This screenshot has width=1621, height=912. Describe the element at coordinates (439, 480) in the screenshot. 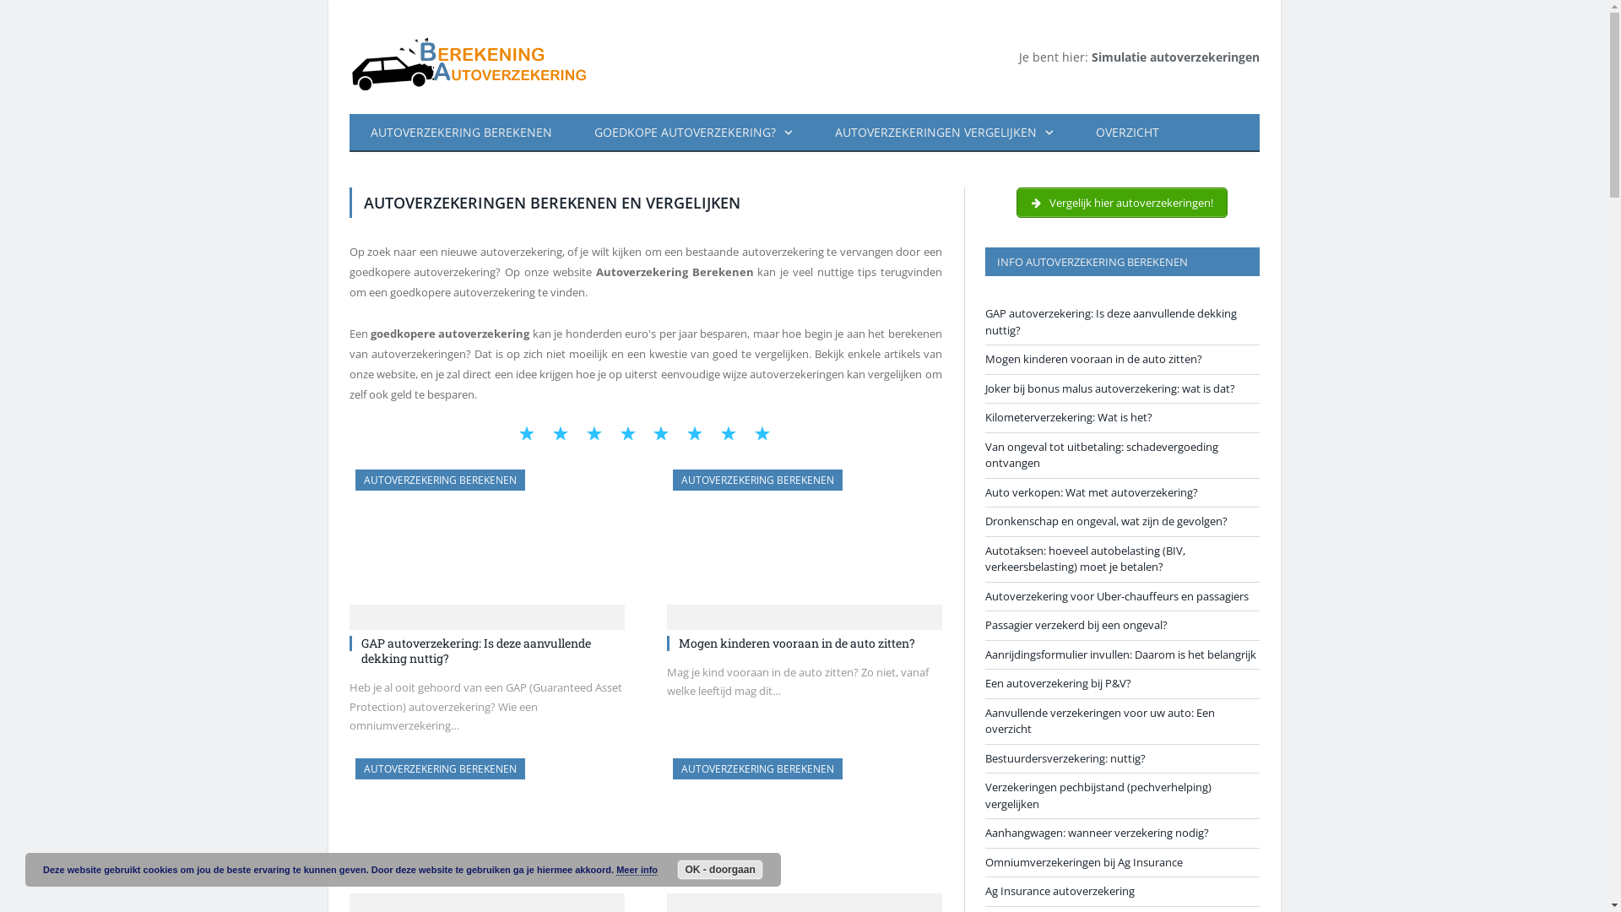

I see `'AUTOVERZEKERING BEREKENEN'` at that location.